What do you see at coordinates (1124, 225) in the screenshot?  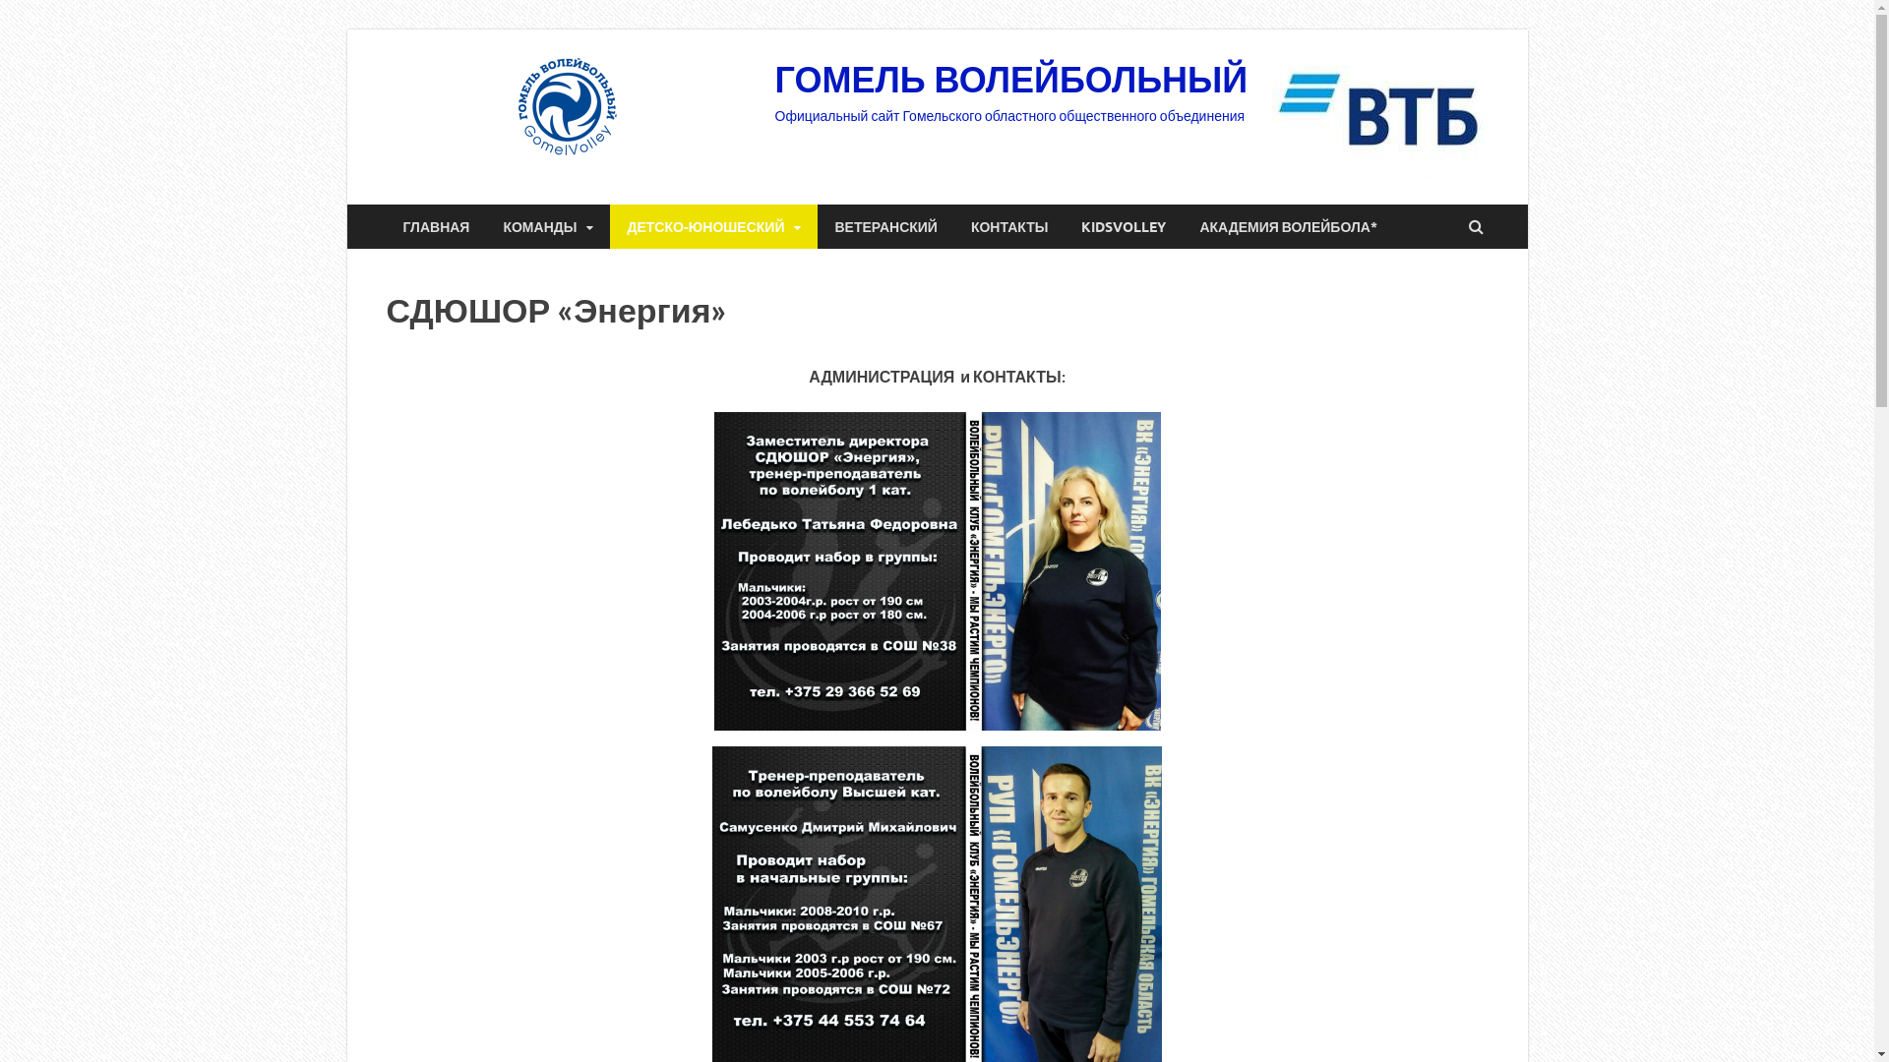 I see `'KIDSVOLLEY'` at bounding box center [1124, 225].